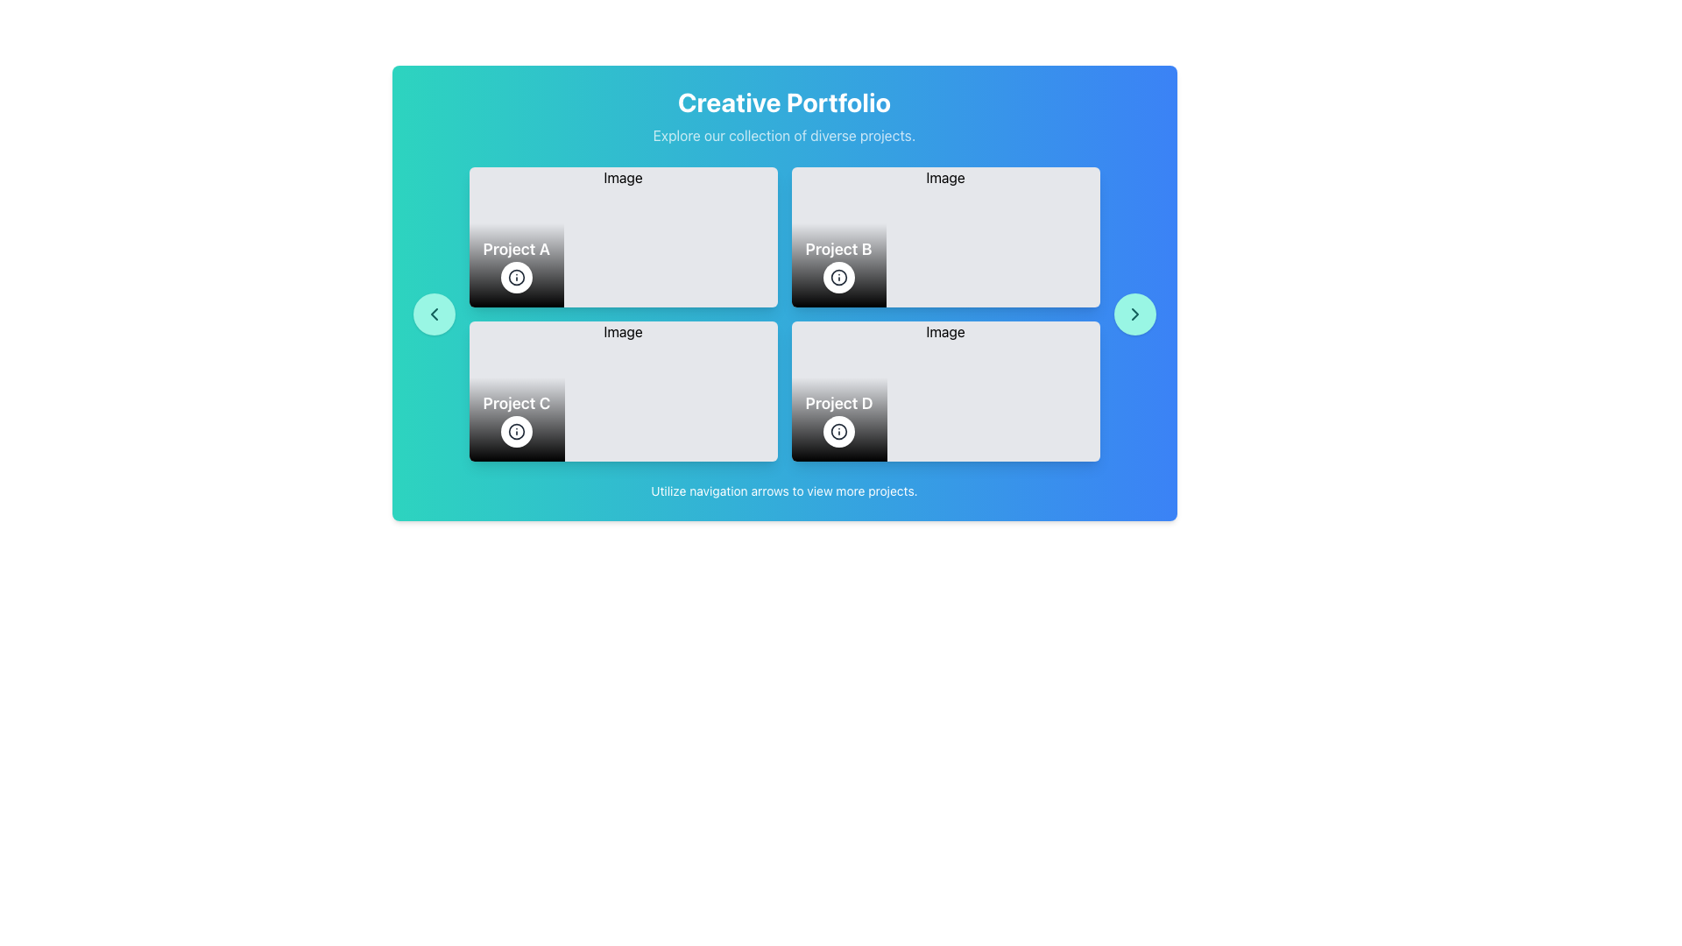 The height and width of the screenshot is (946, 1682). What do you see at coordinates (516, 432) in the screenshot?
I see `the information icon button located at the bottom left corner of the 'Project A' module` at bounding box center [516, 432].